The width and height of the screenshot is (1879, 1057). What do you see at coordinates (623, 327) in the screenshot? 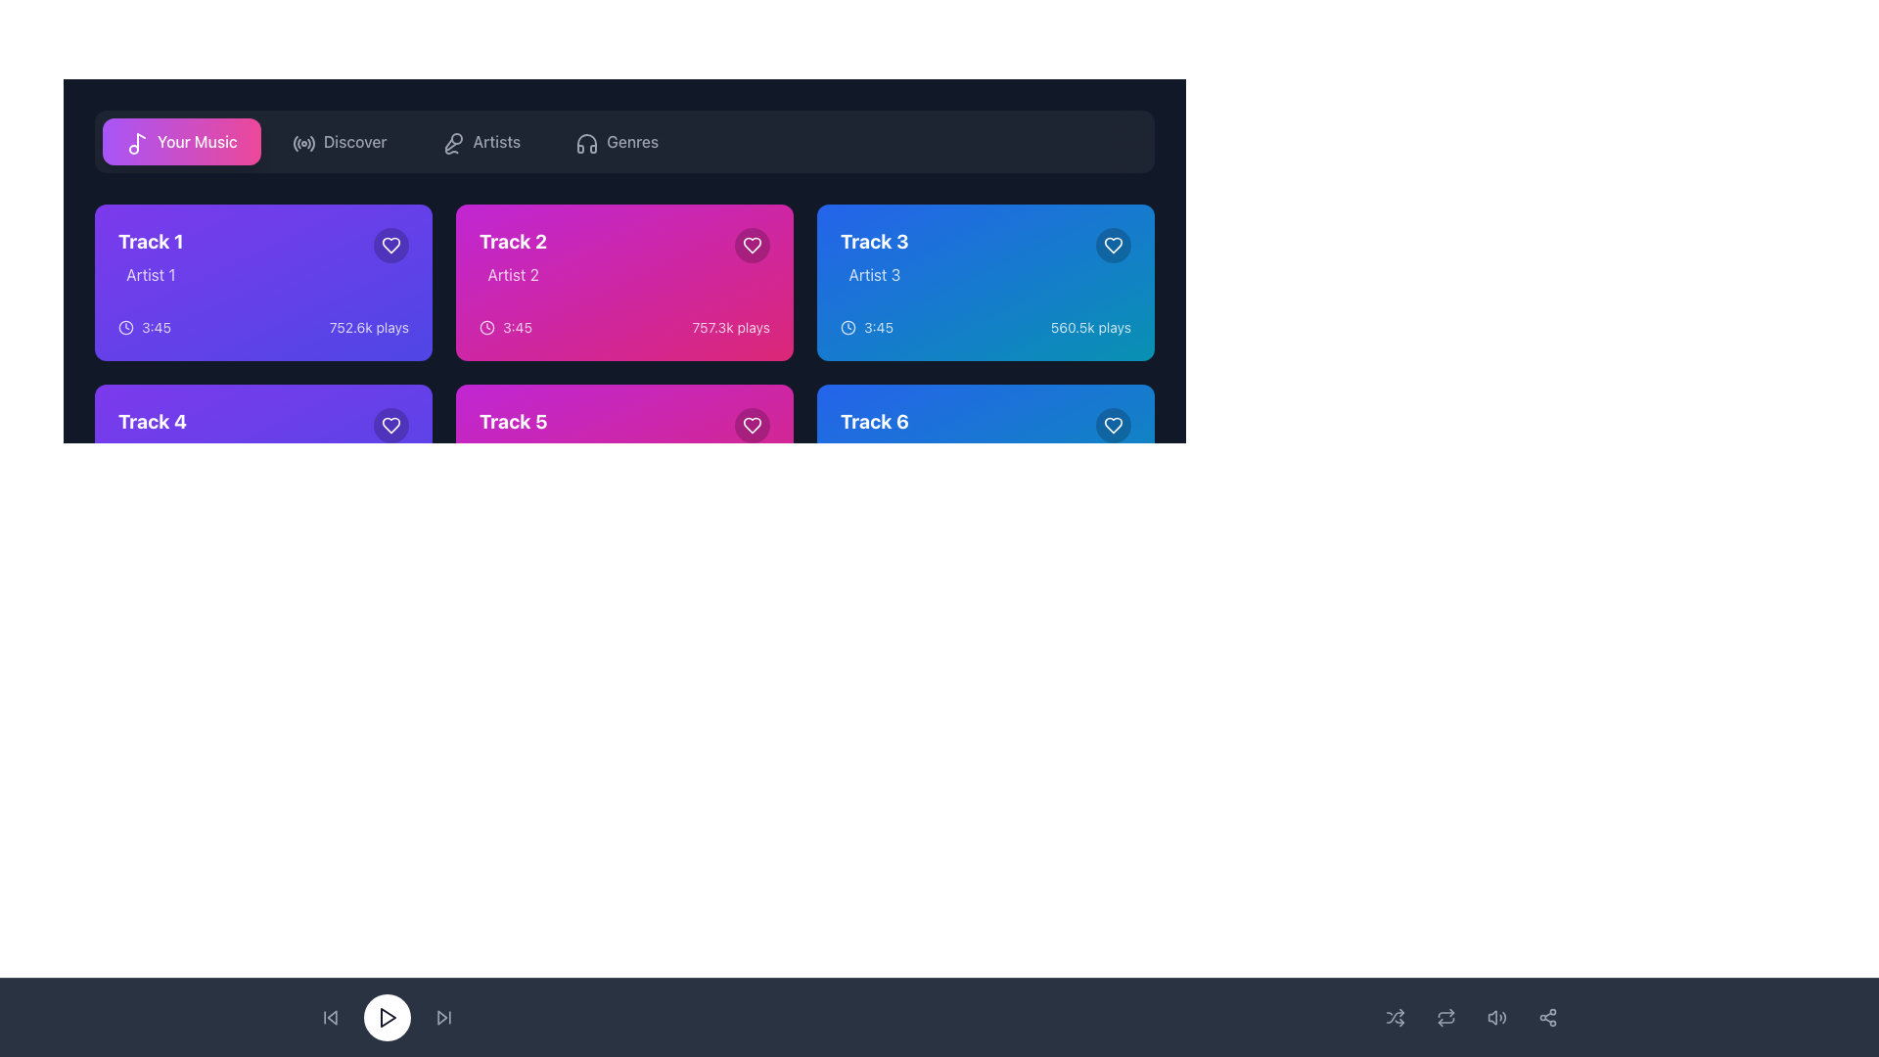
I see `the informational display component that shows the metadata for the music track, indicating its duration and play count, located at the bottom of the pink card titled 'Track 2'` at bounding box center [623, 327].